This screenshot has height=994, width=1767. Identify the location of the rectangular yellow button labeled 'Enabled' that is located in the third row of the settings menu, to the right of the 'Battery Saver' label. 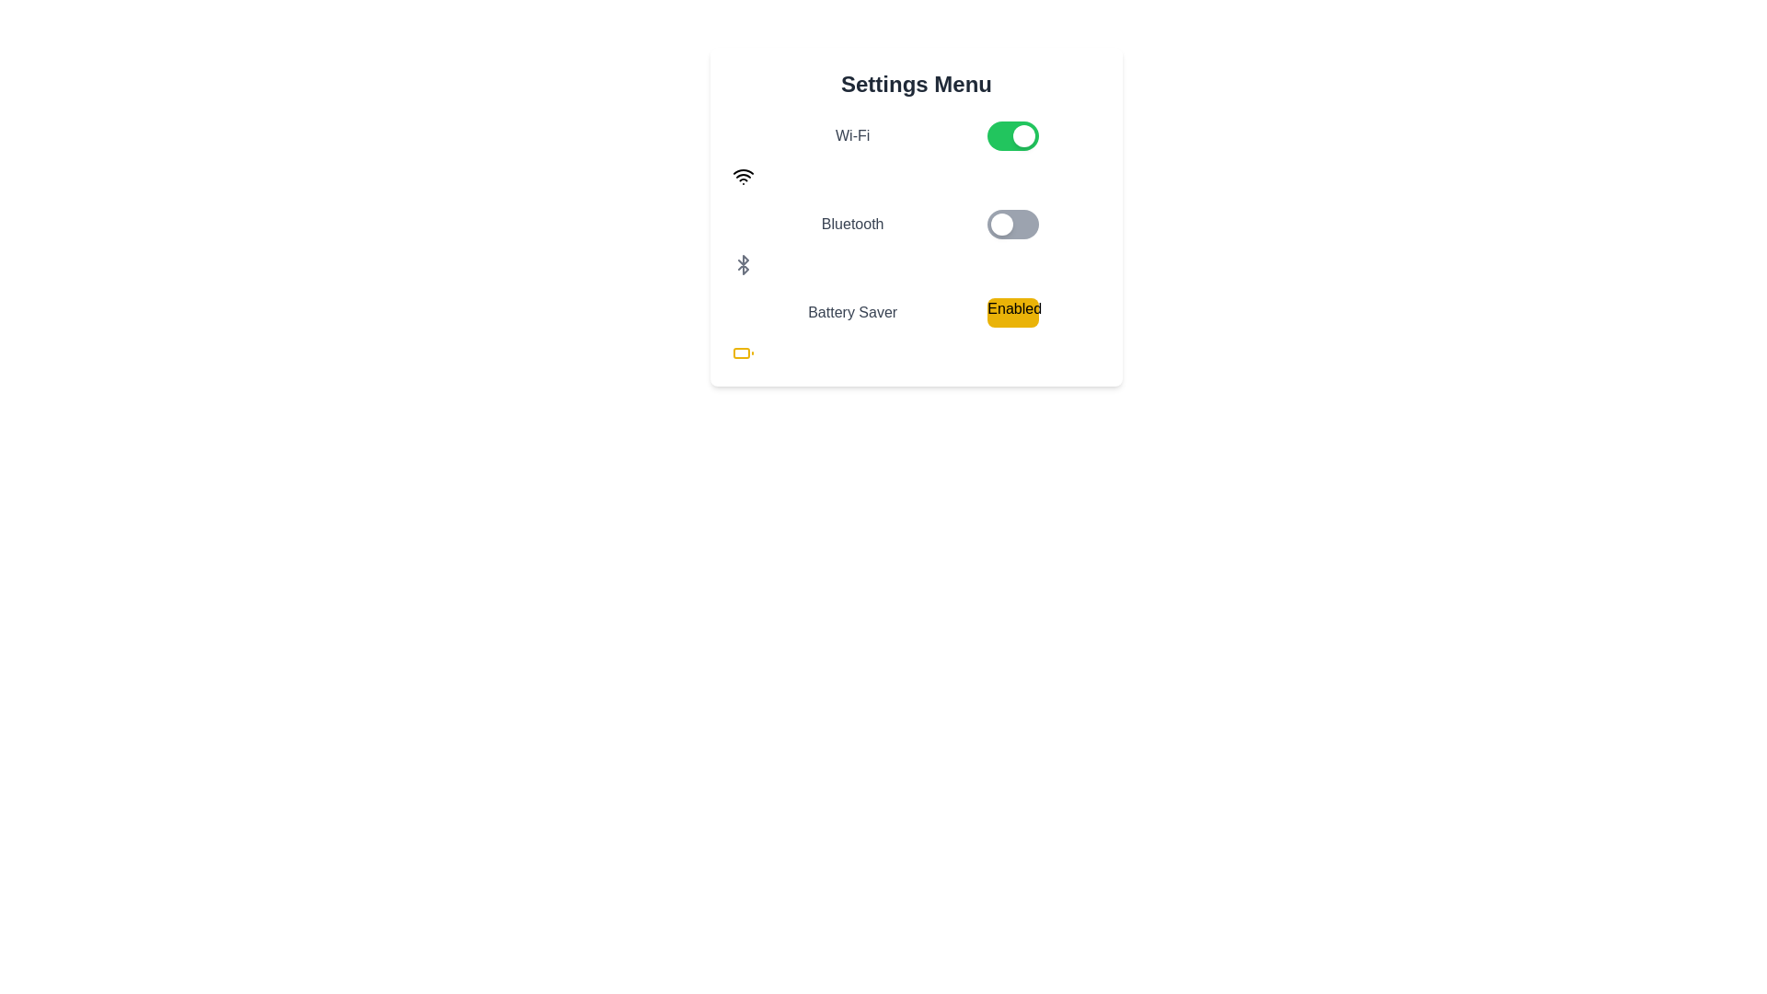
(1012, 311).